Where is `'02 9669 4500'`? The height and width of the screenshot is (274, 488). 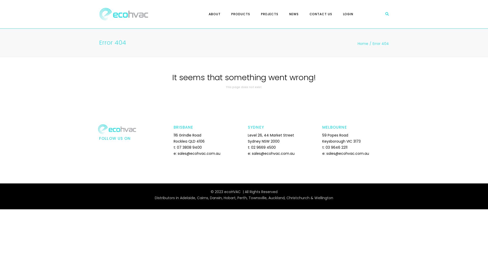
'02 9669 4500' is located at coordinates (263, 147).